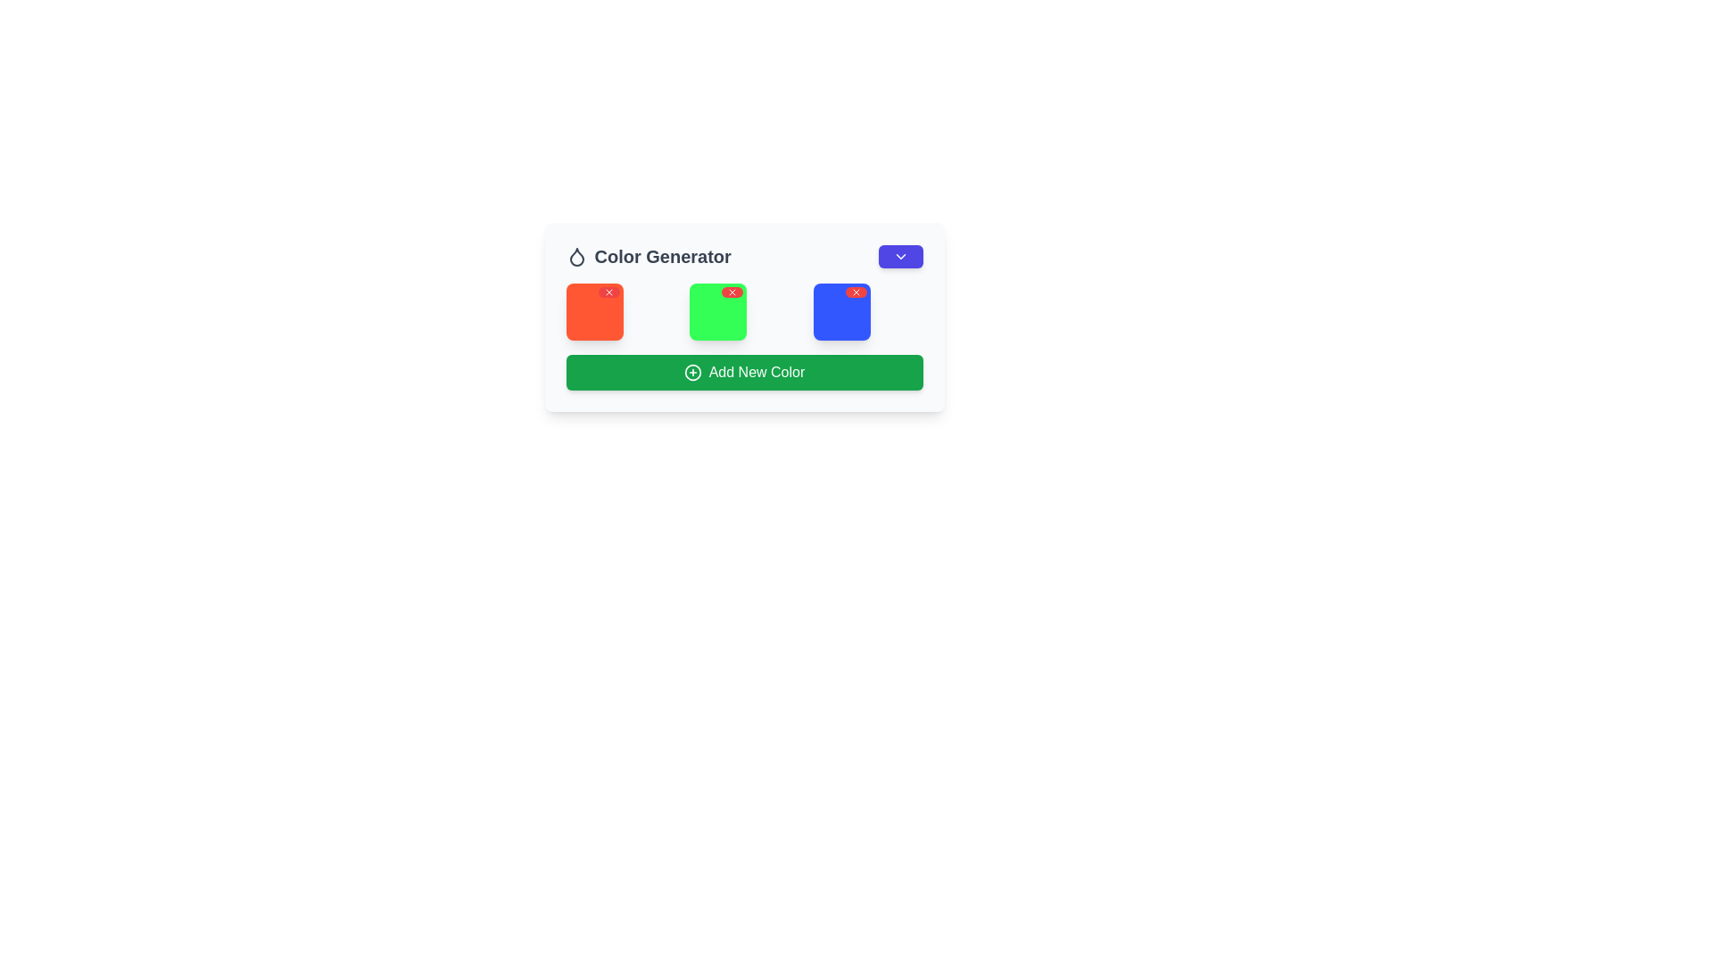 This screenshot has width=1713, height=963. What do you see at coordinates (732, 291) in the screenshot?
I see `the close or delete button located in the top-right corner of the green square in the middle position of a grid of colorful squares` at bounding box center [732, 291].